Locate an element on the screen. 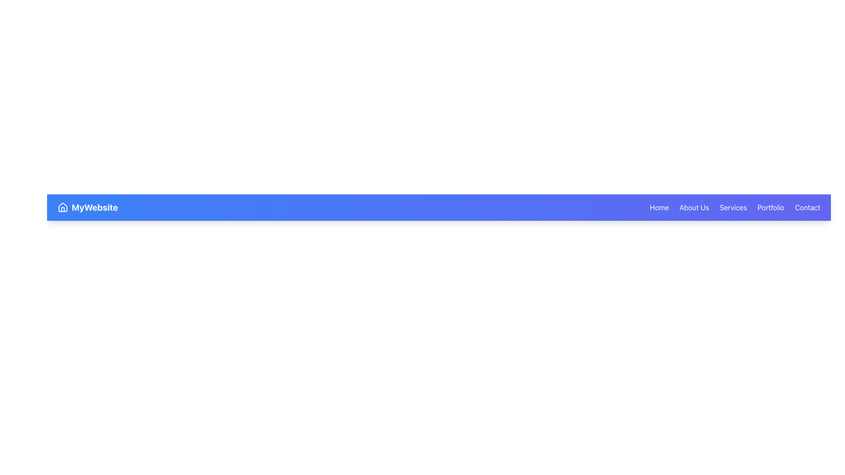 Image resolution: width=845 pixels, height=475 pixels. the first text link in the upper-right corner navigation menu is located at coordinates (659, 207).